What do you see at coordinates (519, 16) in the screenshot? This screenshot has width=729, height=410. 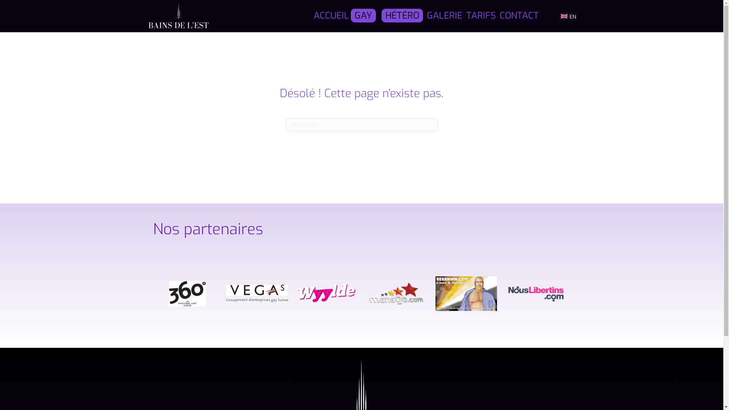 I see `'CONTACT'` at bounding box center [519, 16].